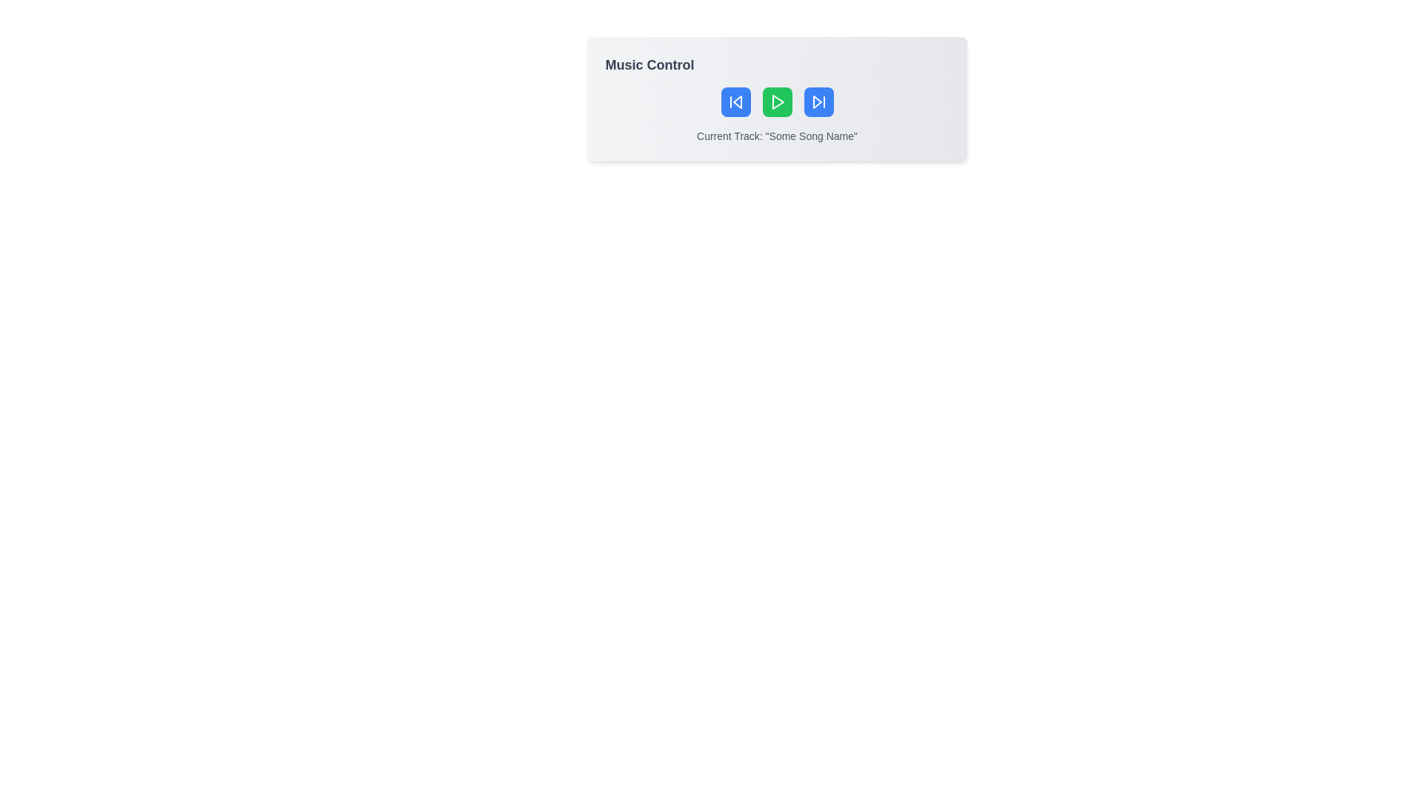  Describe the element at coordinates (816, 101) in the screenshot. I see `the rightmost button containing the triangular arrow symbol representing the 'Skip Forward' action` at that location.